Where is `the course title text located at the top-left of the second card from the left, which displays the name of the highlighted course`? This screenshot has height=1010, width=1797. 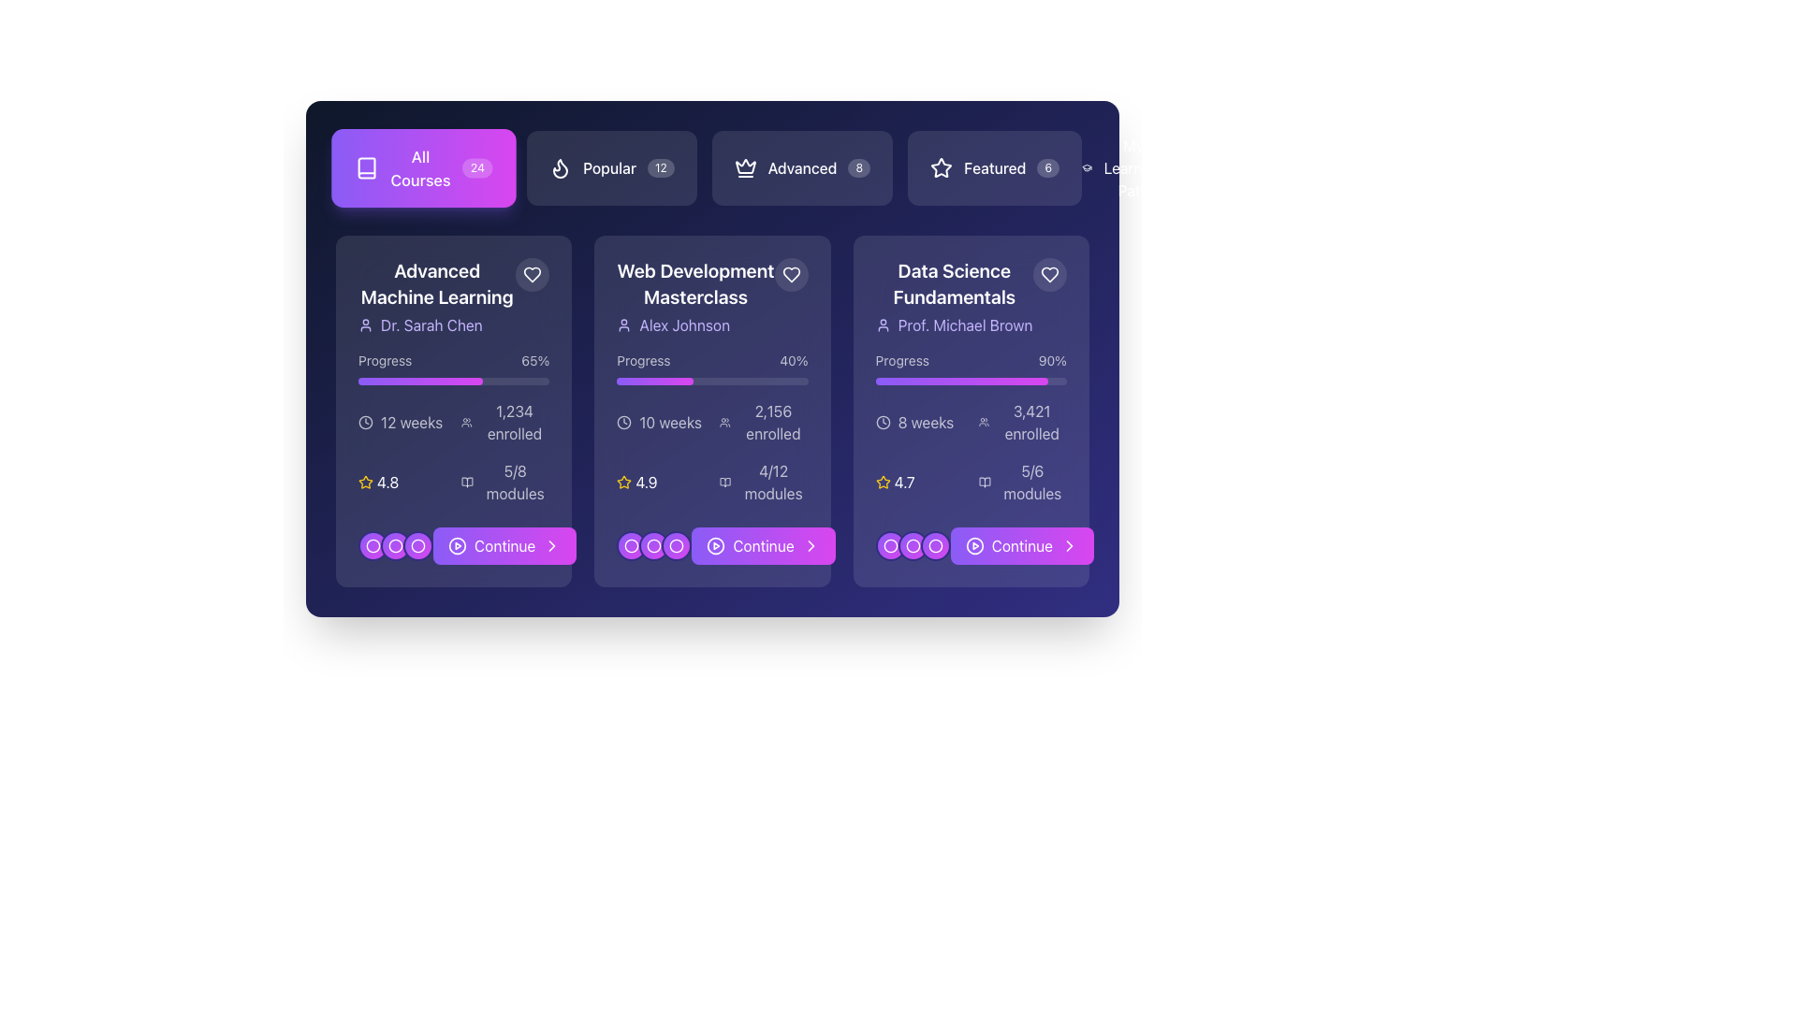
the course title text located at the top-left of the second card from the left, which displays the name of the highlighted course is located at coordinates (694, 284).